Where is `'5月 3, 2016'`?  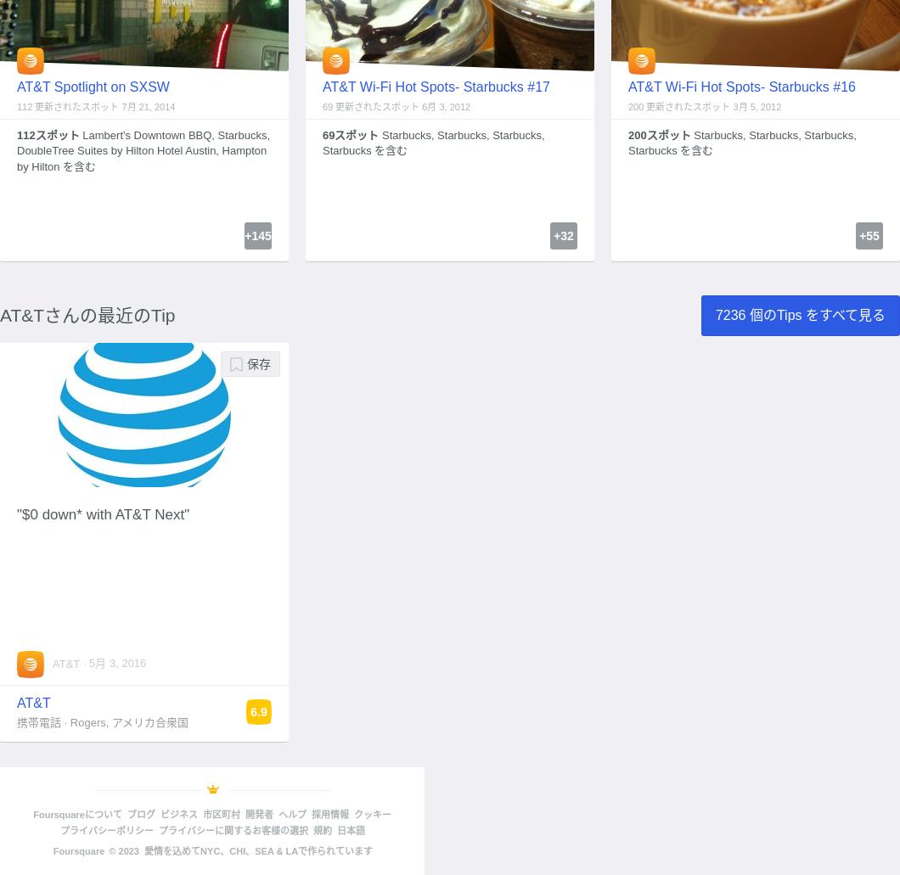 '5月 3, 2016' is located at coordinates (116, 662).